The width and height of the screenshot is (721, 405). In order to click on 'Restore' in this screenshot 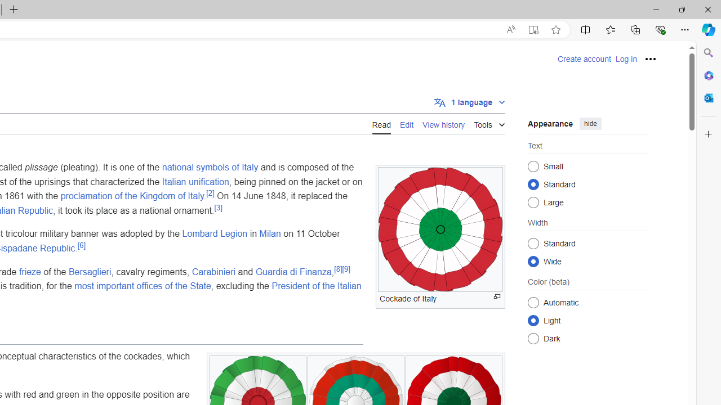, I will do `click(681, 9)`.